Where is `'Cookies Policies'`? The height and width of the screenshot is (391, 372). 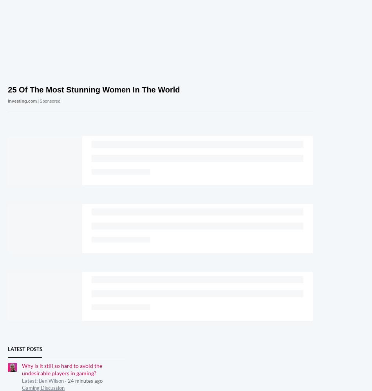
'Cookies Policies' is located at coordinates (156, 381).